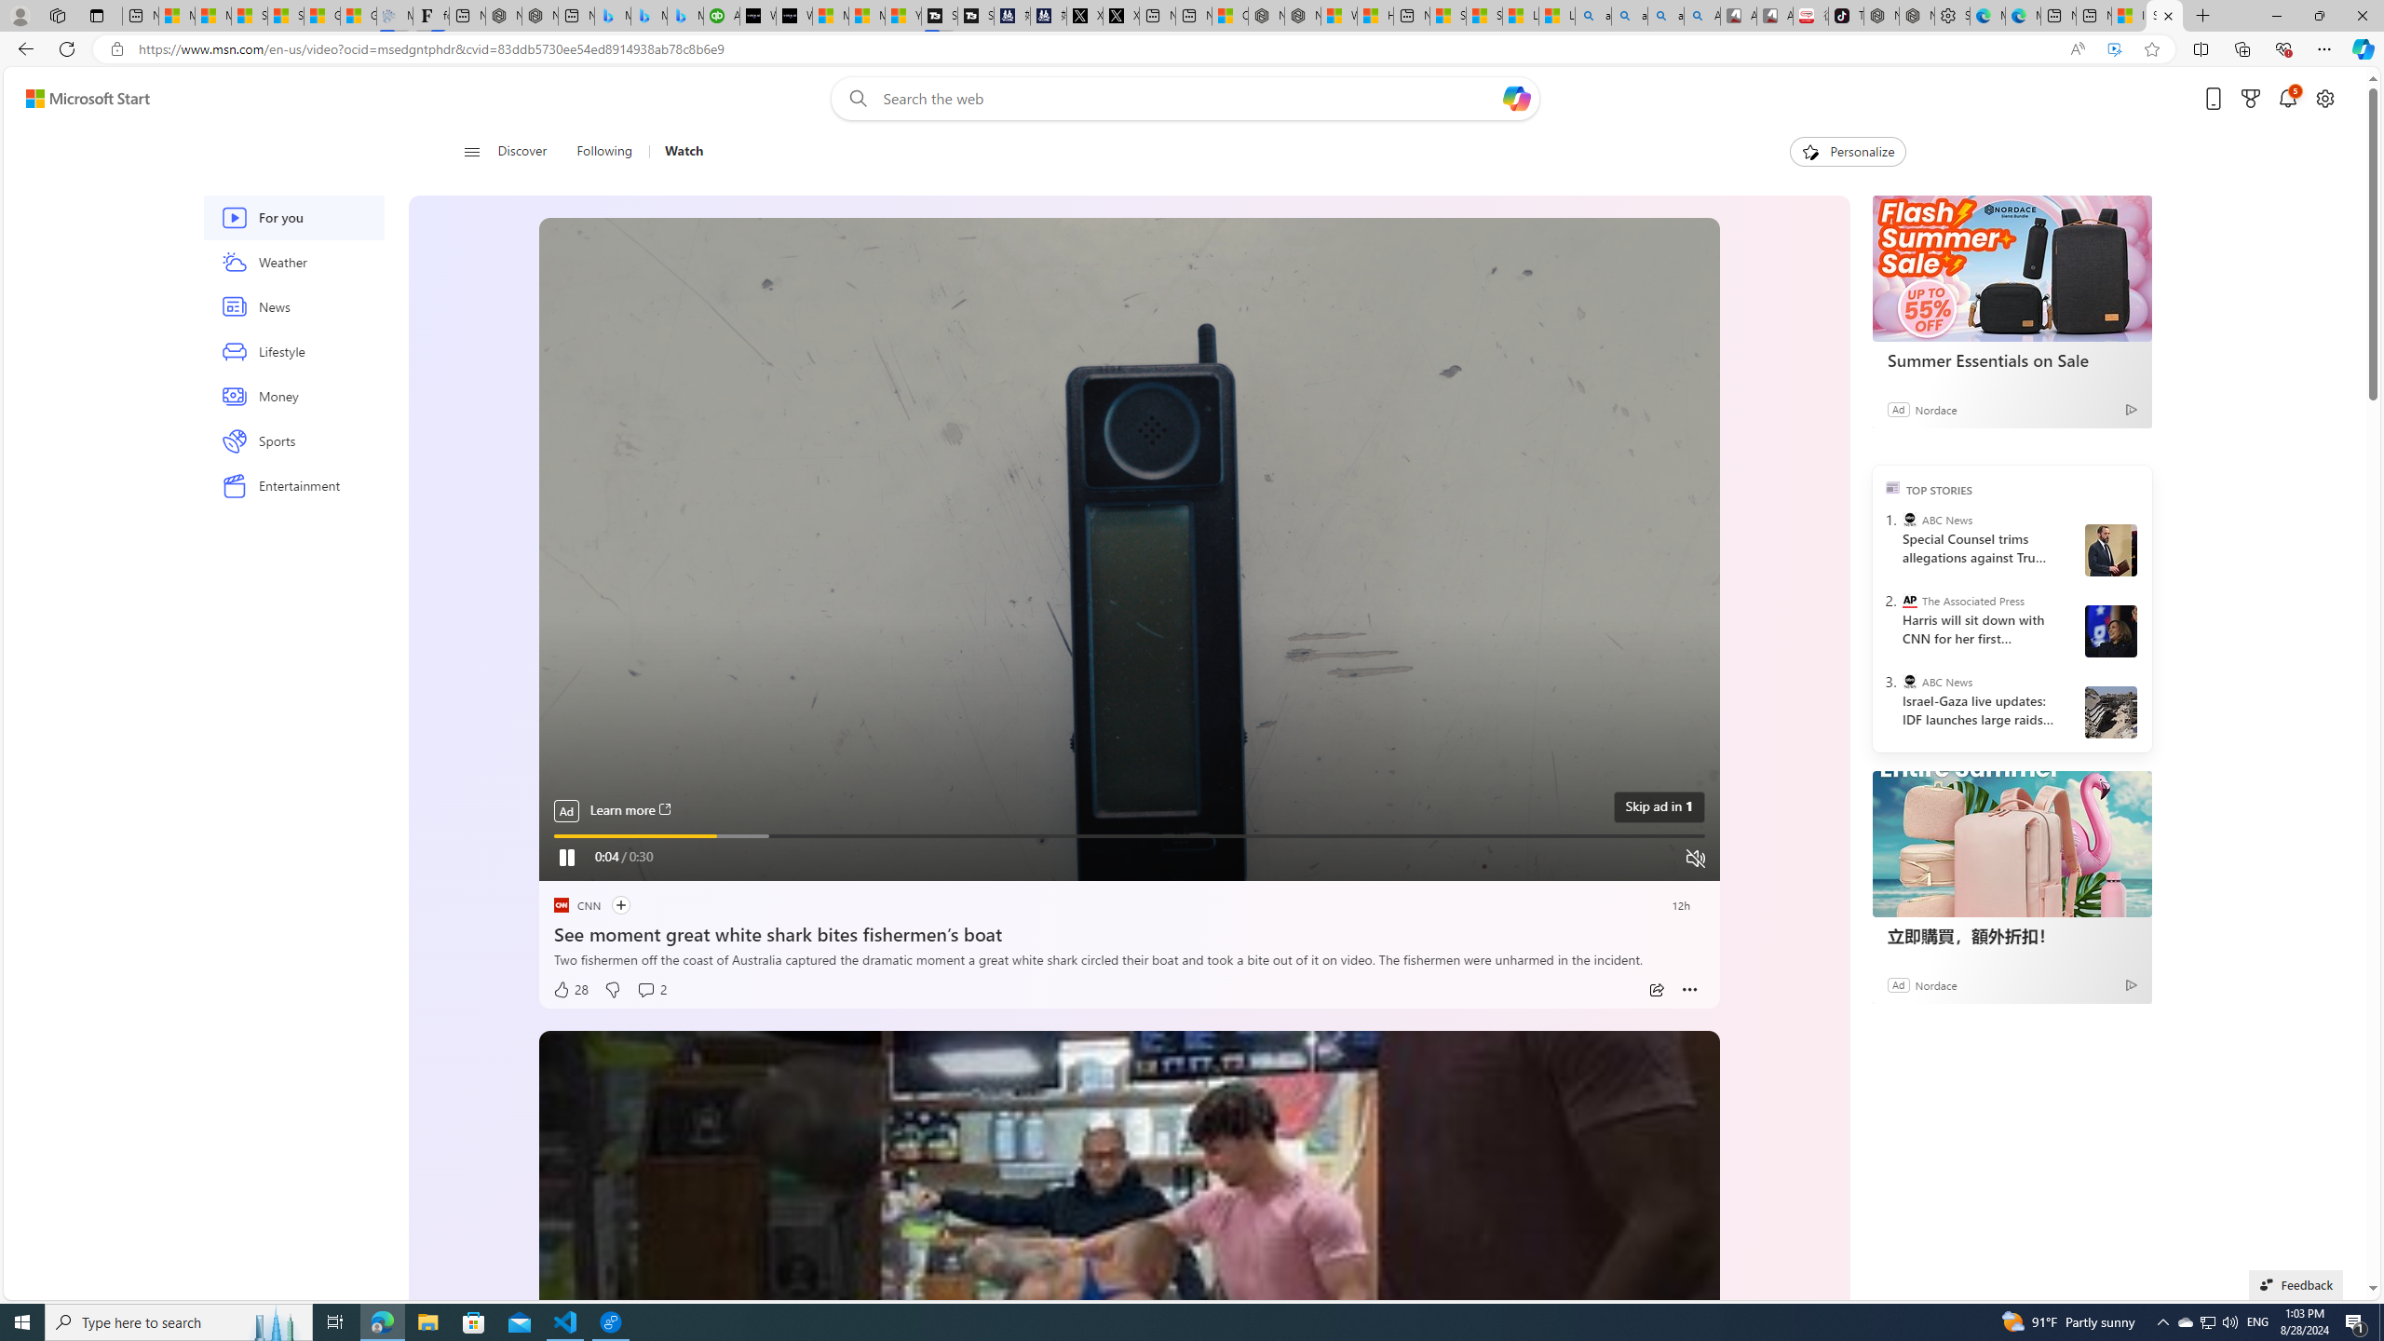  Describe the element at coordinates (1909, 681) in the screenshot. I see `'ABC News'` at that location.